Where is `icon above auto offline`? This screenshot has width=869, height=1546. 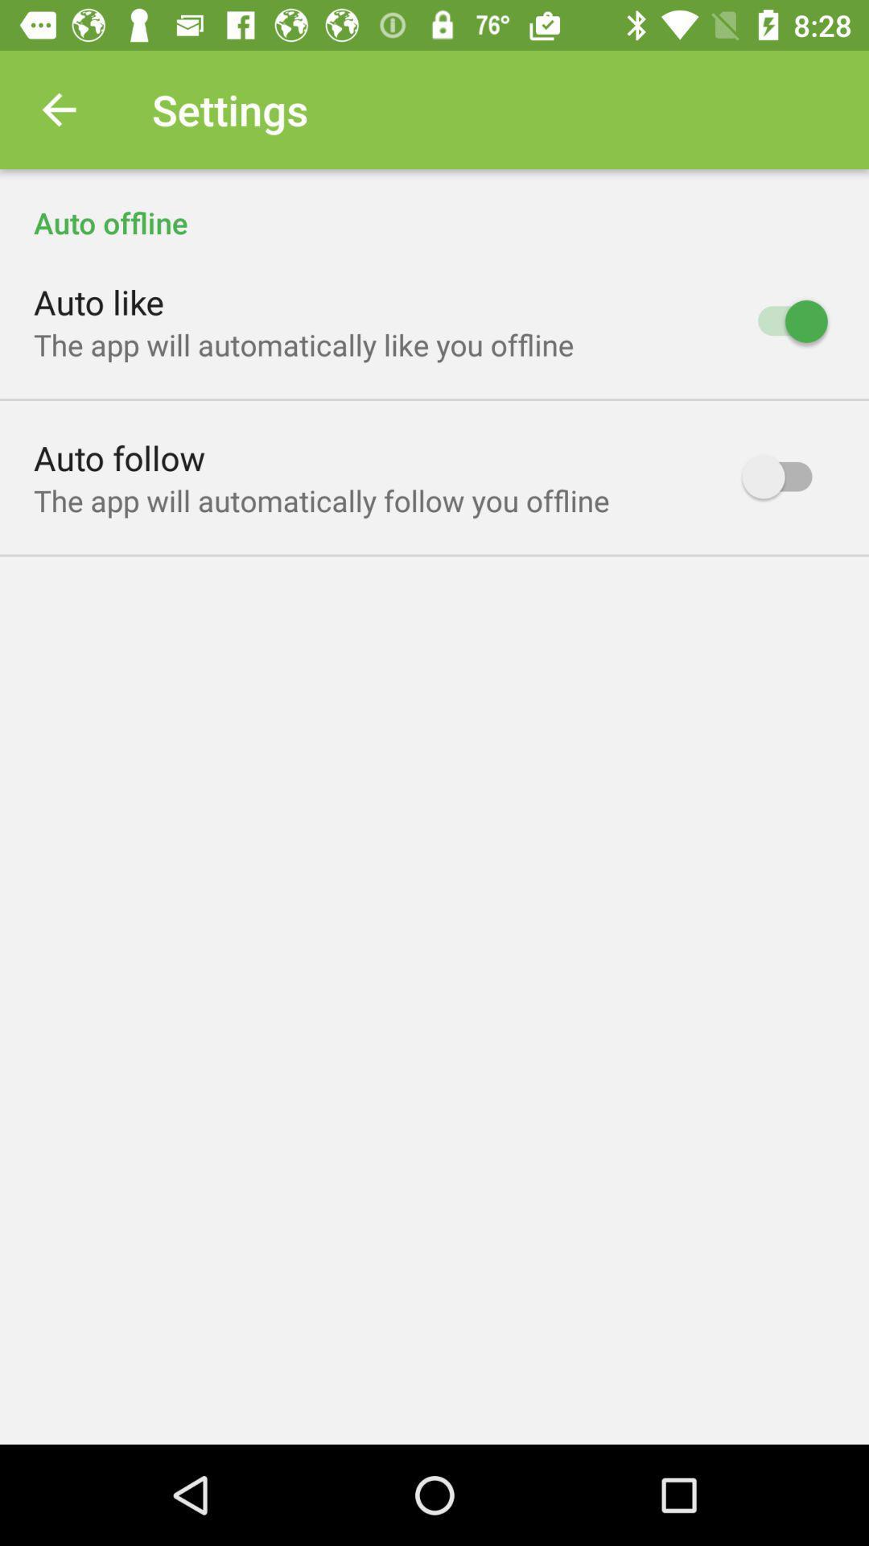 icon above auto offline is located at coordinates (58, 109).